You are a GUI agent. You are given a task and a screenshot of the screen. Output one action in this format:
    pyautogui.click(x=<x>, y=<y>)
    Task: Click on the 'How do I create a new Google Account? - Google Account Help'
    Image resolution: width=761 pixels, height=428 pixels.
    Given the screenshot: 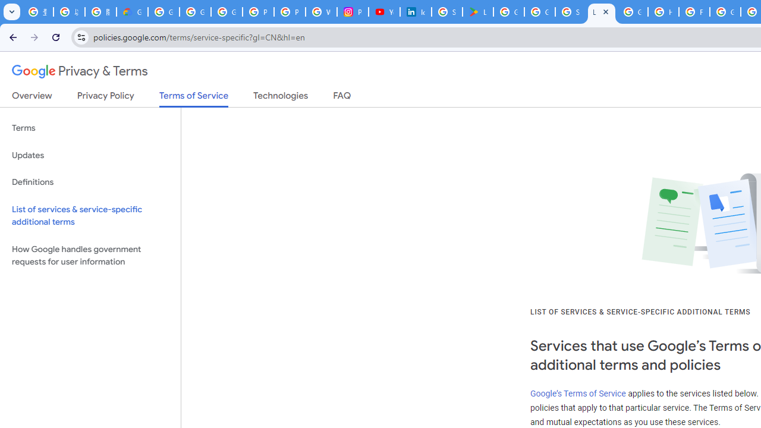 What is the action you would take?
    pyautogui.click(x=663, y=12)
    